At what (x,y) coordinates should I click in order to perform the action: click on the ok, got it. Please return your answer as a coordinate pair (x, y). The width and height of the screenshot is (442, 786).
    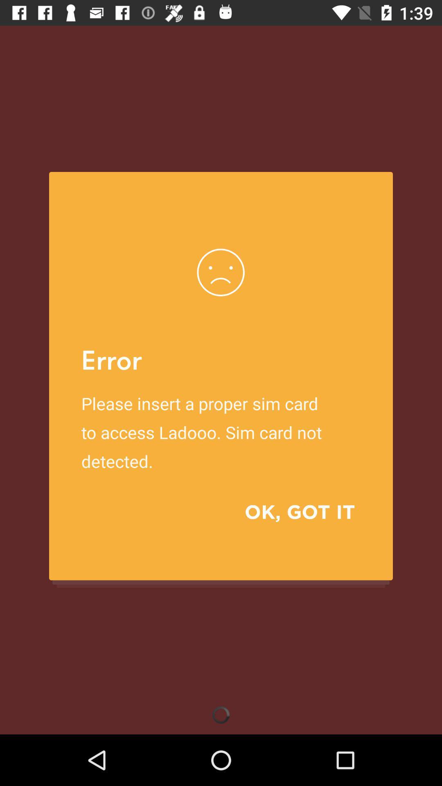
    Looking at the image, I should click on (287, 511).